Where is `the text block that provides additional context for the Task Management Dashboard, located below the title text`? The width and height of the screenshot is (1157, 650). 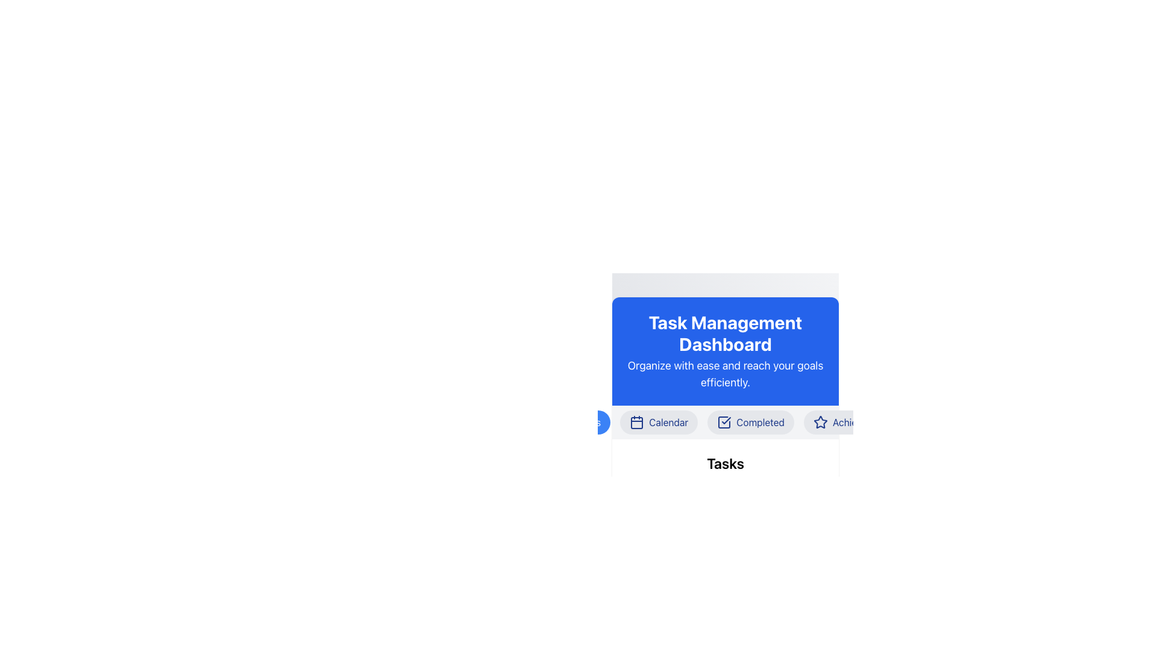 the text block that provides additional context for the Task Management Dashboard, located below the title text is located at coordinates (725, 373).